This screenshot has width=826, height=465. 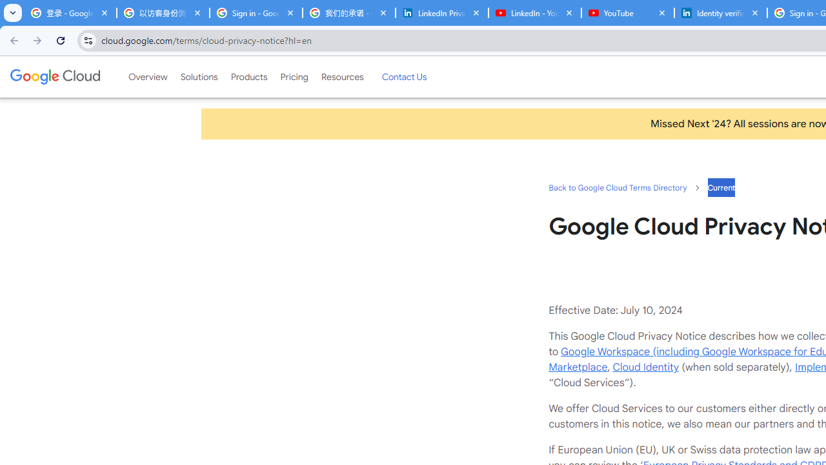 What do you see at coordinates (645, 367) in the screenshot?
I see `'Cloud Identity'` at bounding box center [645, 367].